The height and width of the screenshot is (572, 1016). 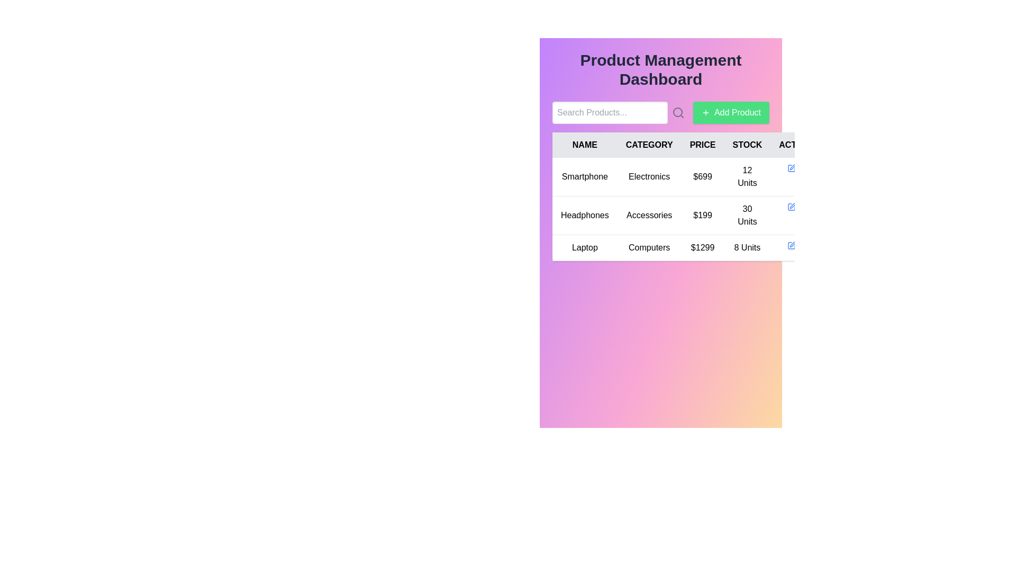 What do you see at coordinates (689, 209) in the screenshot?
I see `the second row of the product details table, which is located between the rows for 'Smartphone' and 'Laptop'` at bounding box center [689, 209].